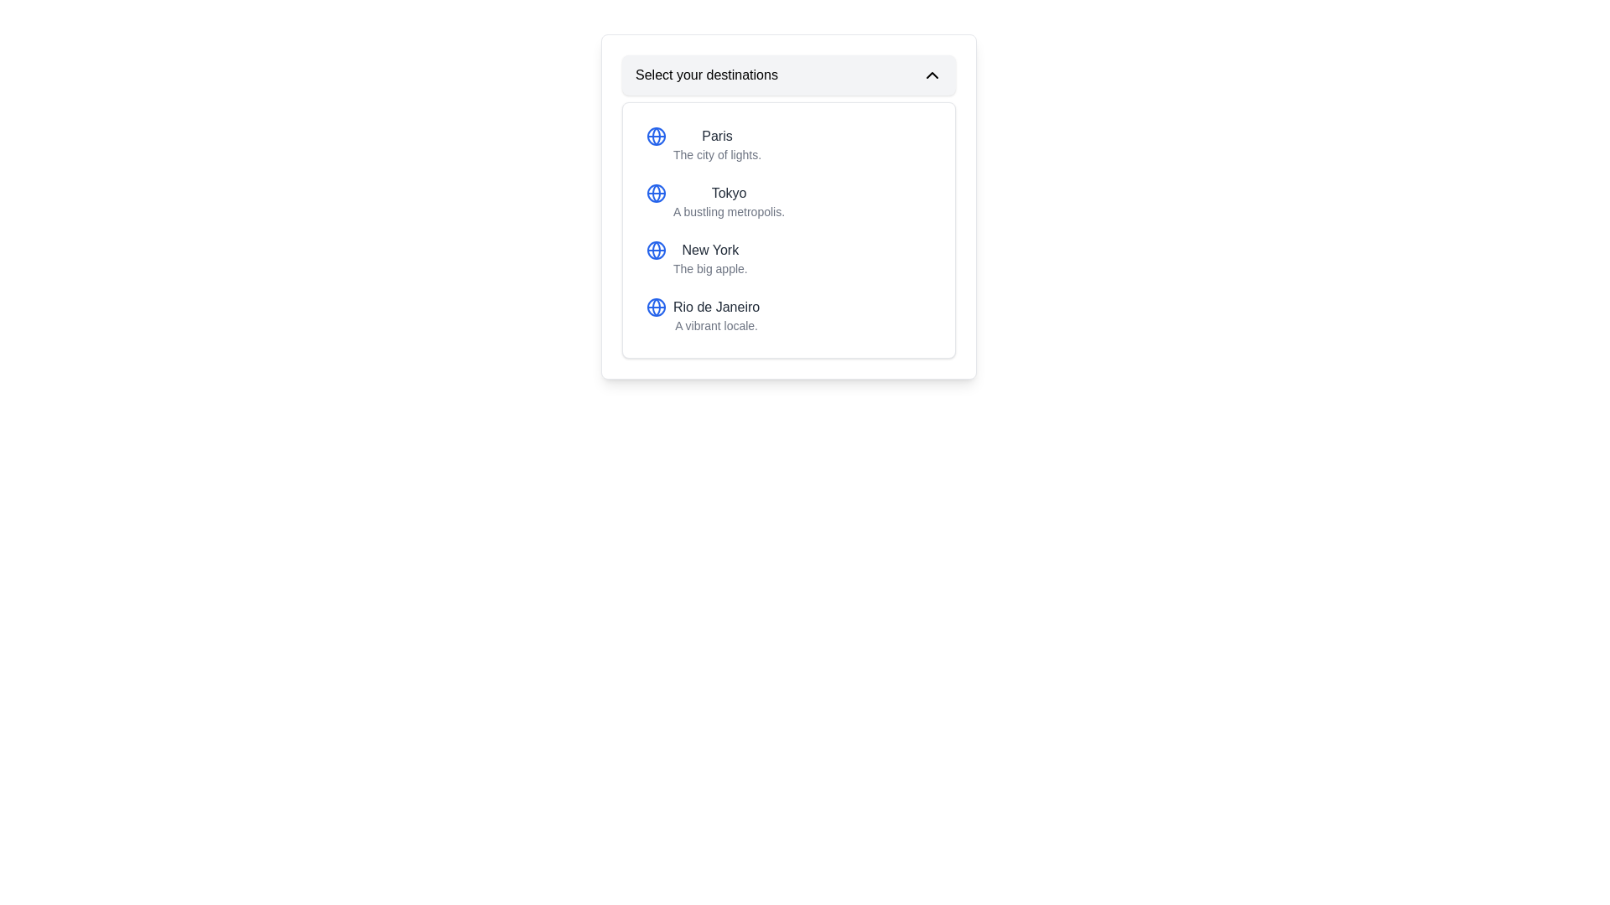 The width and height of the screenshot is (1610, 905). What do you see at coordinates (787, 200) in the screenshot?
I see `the selectable list item for the Tokyo destination, which is the second item in the vertical list of destination options` at bounding box center [787, 200].